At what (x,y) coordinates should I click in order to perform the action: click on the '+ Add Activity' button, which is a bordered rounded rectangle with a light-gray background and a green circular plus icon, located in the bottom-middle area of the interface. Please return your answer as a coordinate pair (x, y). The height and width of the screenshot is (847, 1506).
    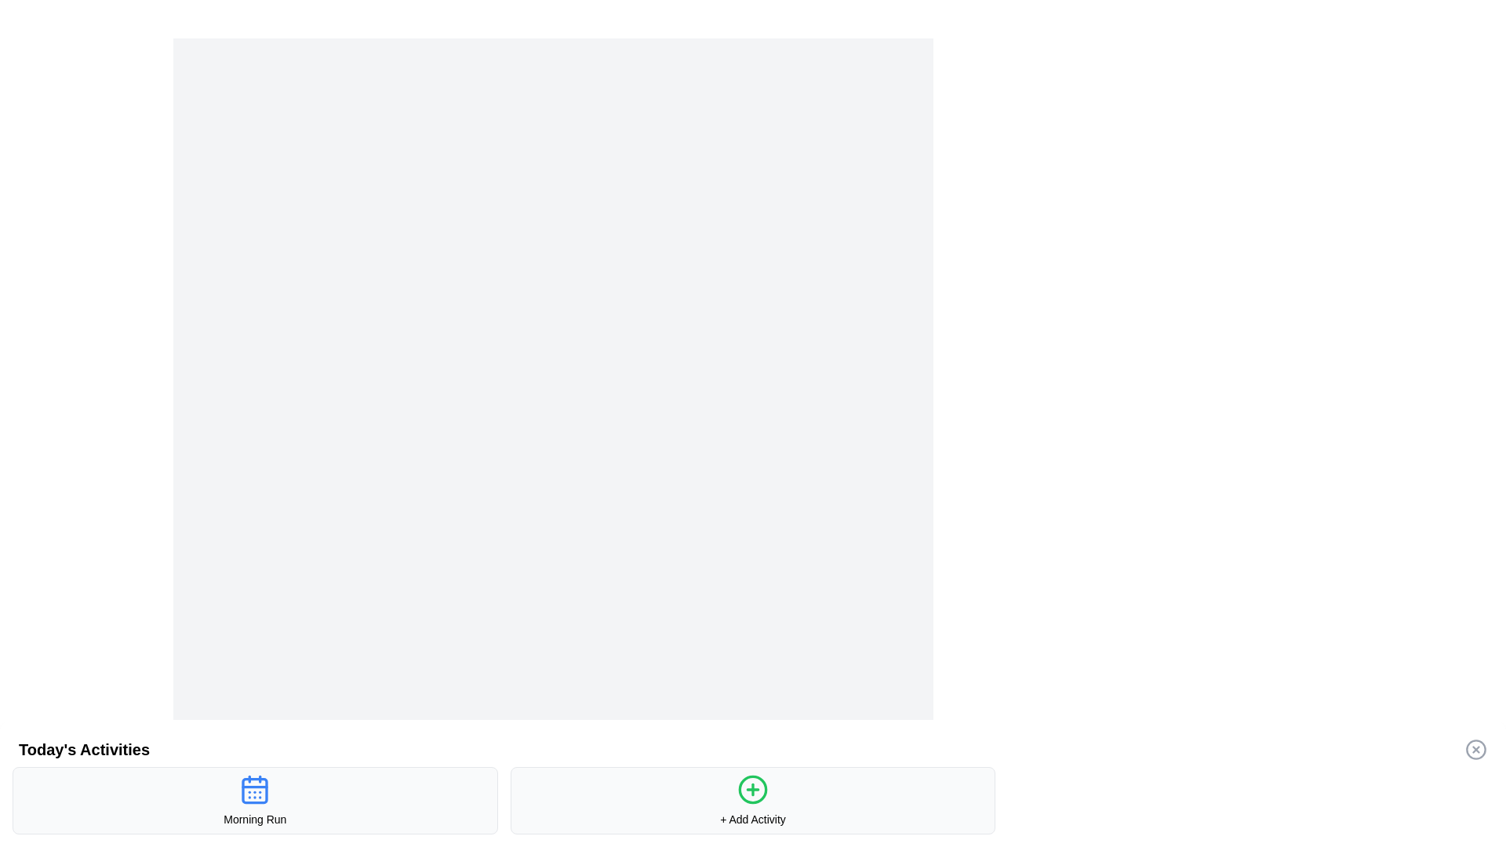
    Looking at the image, I should click on (753, 801).